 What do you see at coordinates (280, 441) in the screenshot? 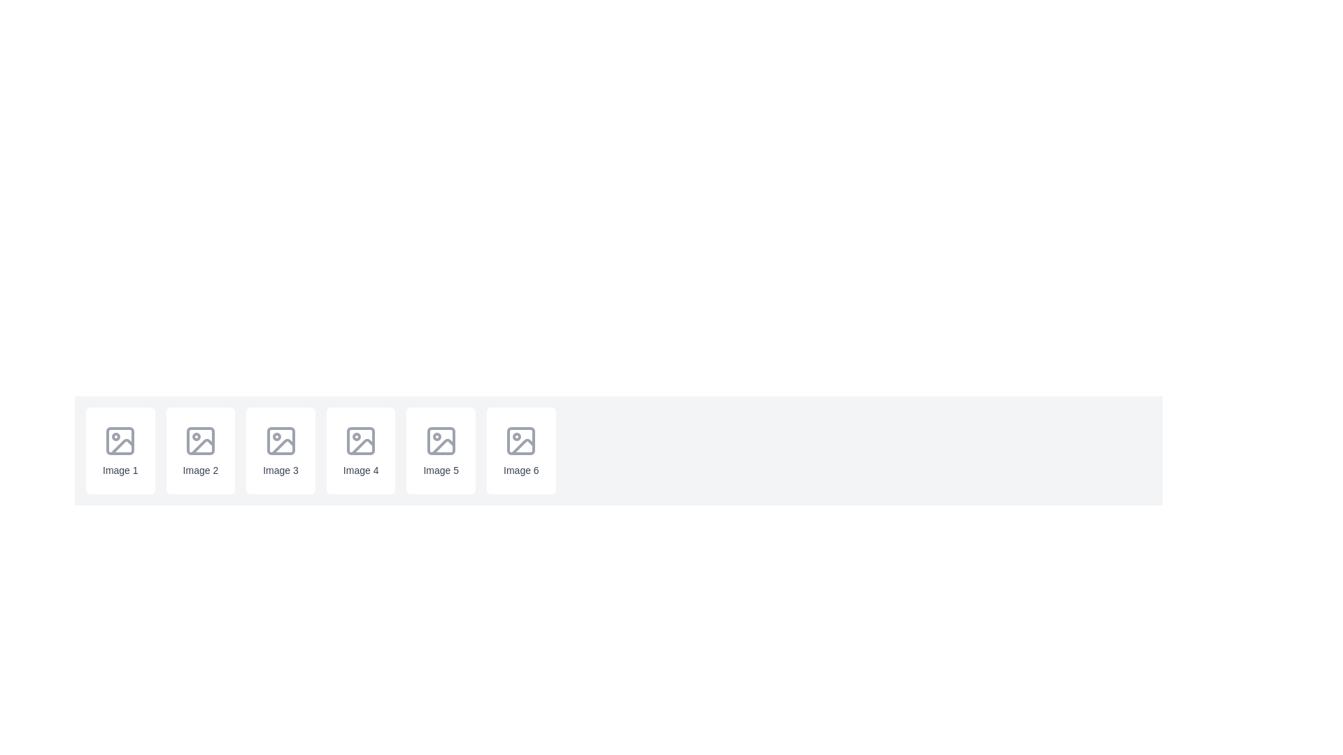
I see `the small rounded rectangle SVG element, which is part of an image placeholder icon in the third position of a horizontal carousel` at bounding box center [280, 441].